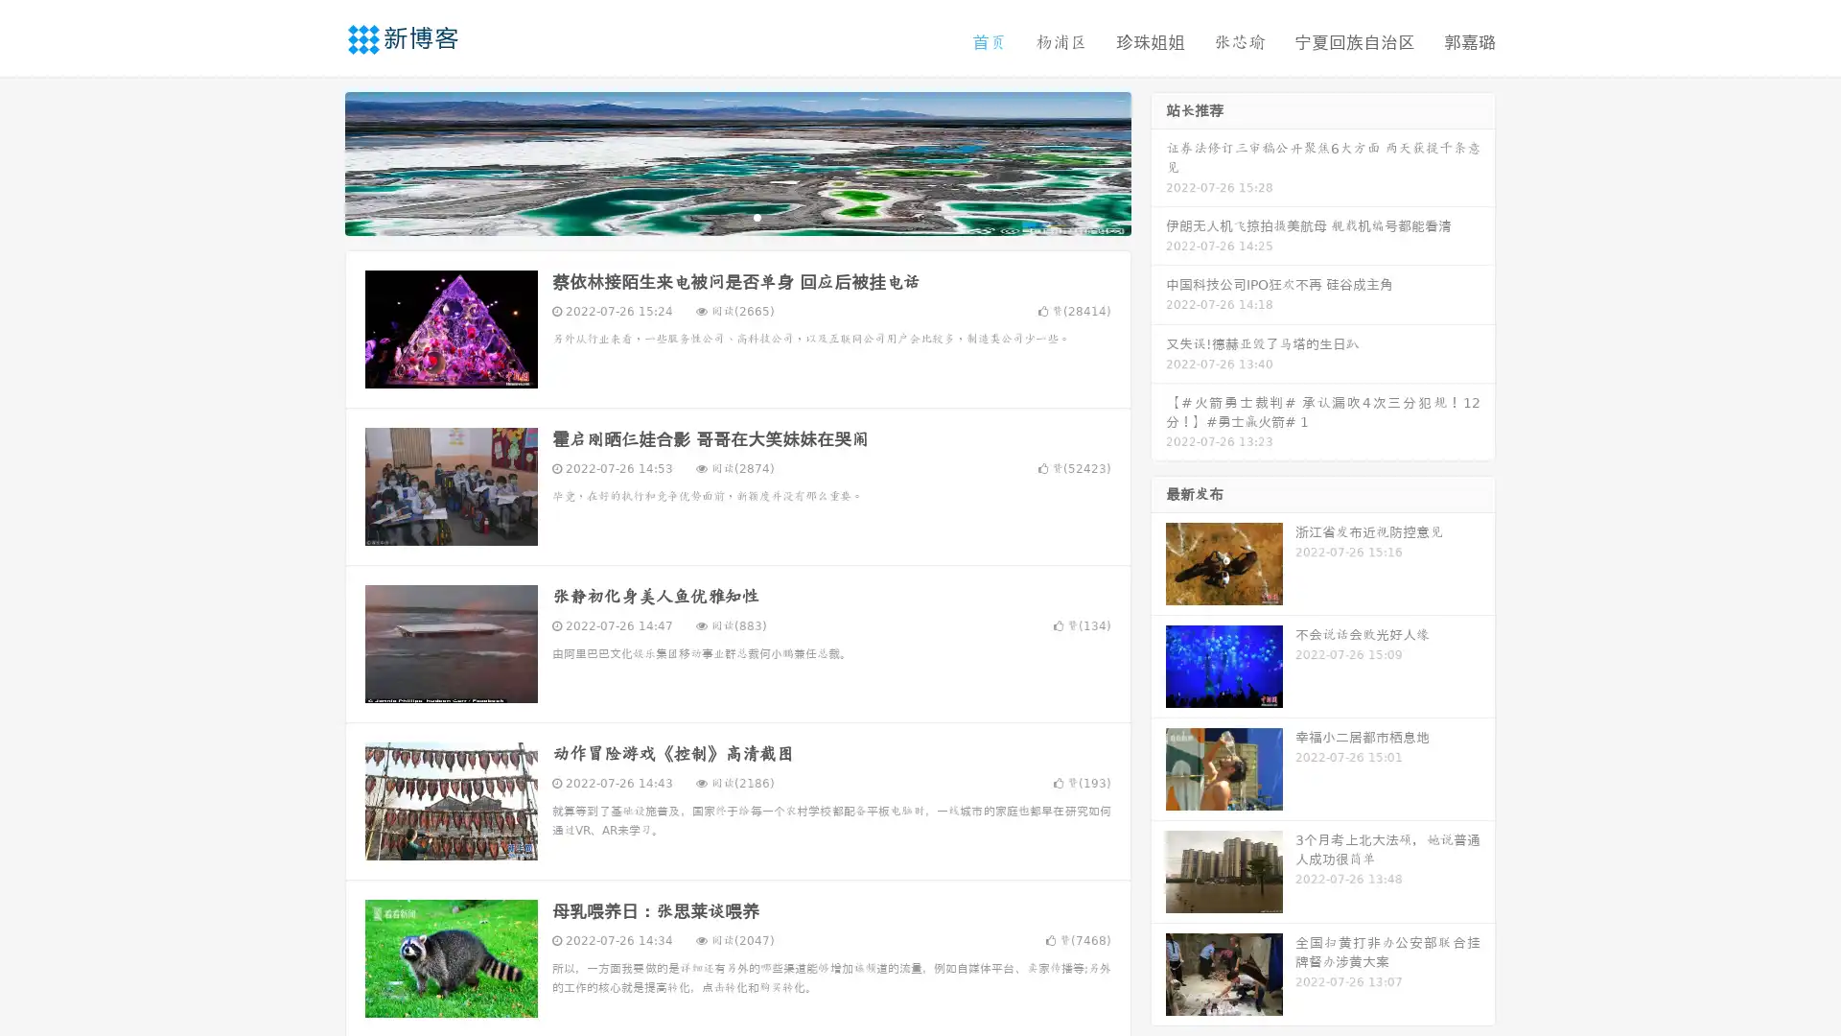  Describe the element at coordinates (717, 216) in the screenshot. I see `Go to slide 1` at that location.